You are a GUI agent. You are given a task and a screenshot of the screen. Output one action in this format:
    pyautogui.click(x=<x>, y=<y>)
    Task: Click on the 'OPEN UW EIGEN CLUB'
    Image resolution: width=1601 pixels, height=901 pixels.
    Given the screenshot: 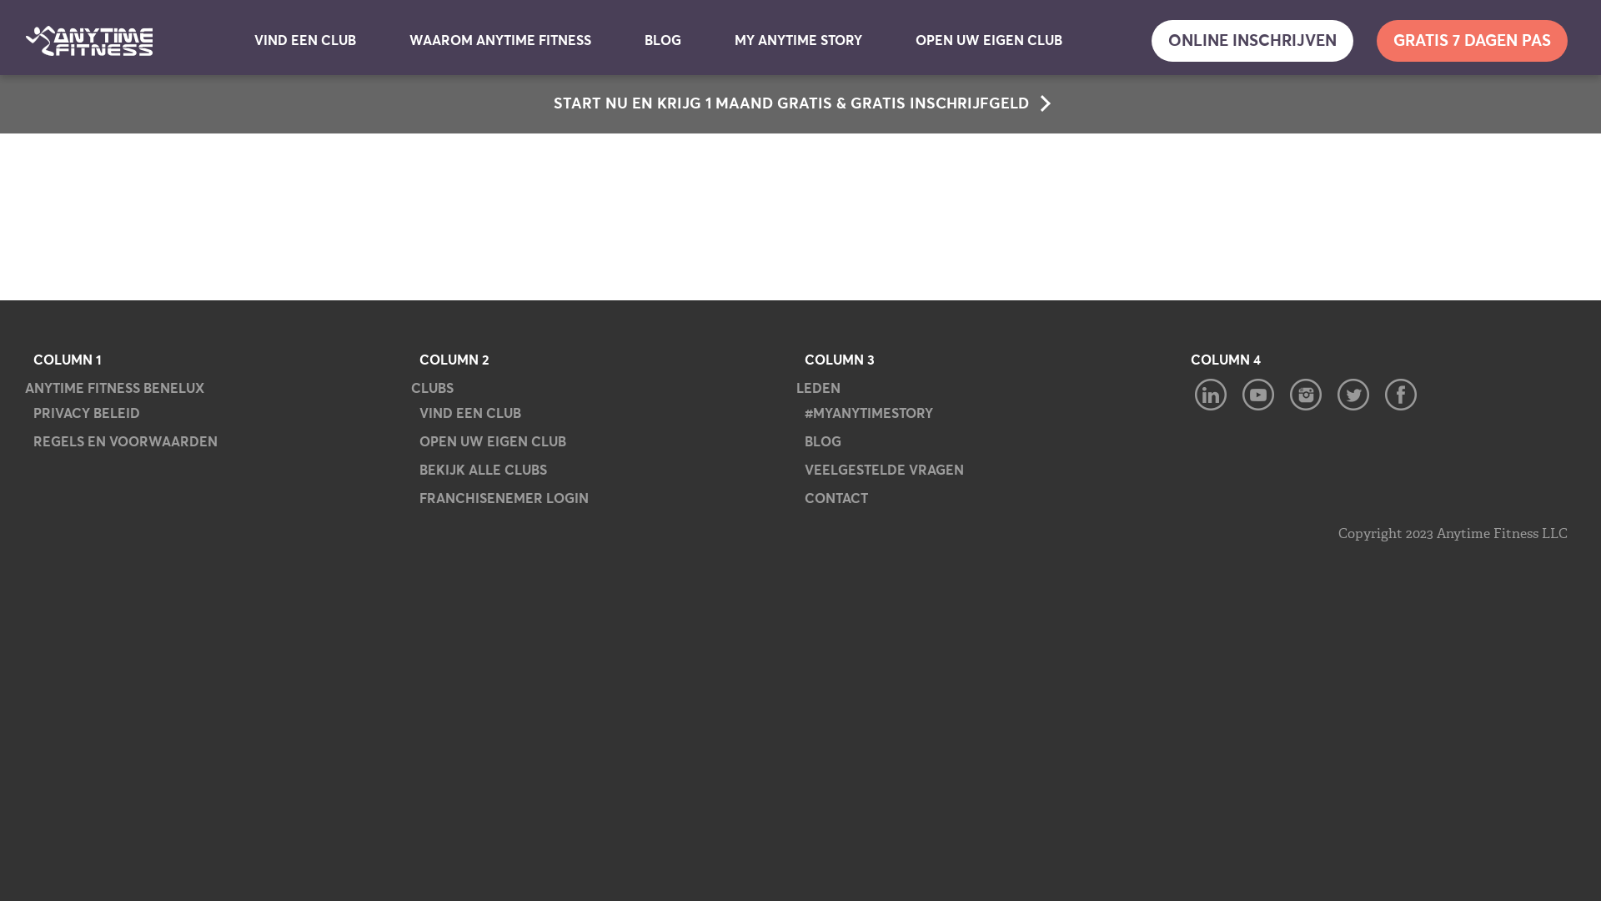 What is the action you would take?
    pyautogui.click(x=988, y=40)
    